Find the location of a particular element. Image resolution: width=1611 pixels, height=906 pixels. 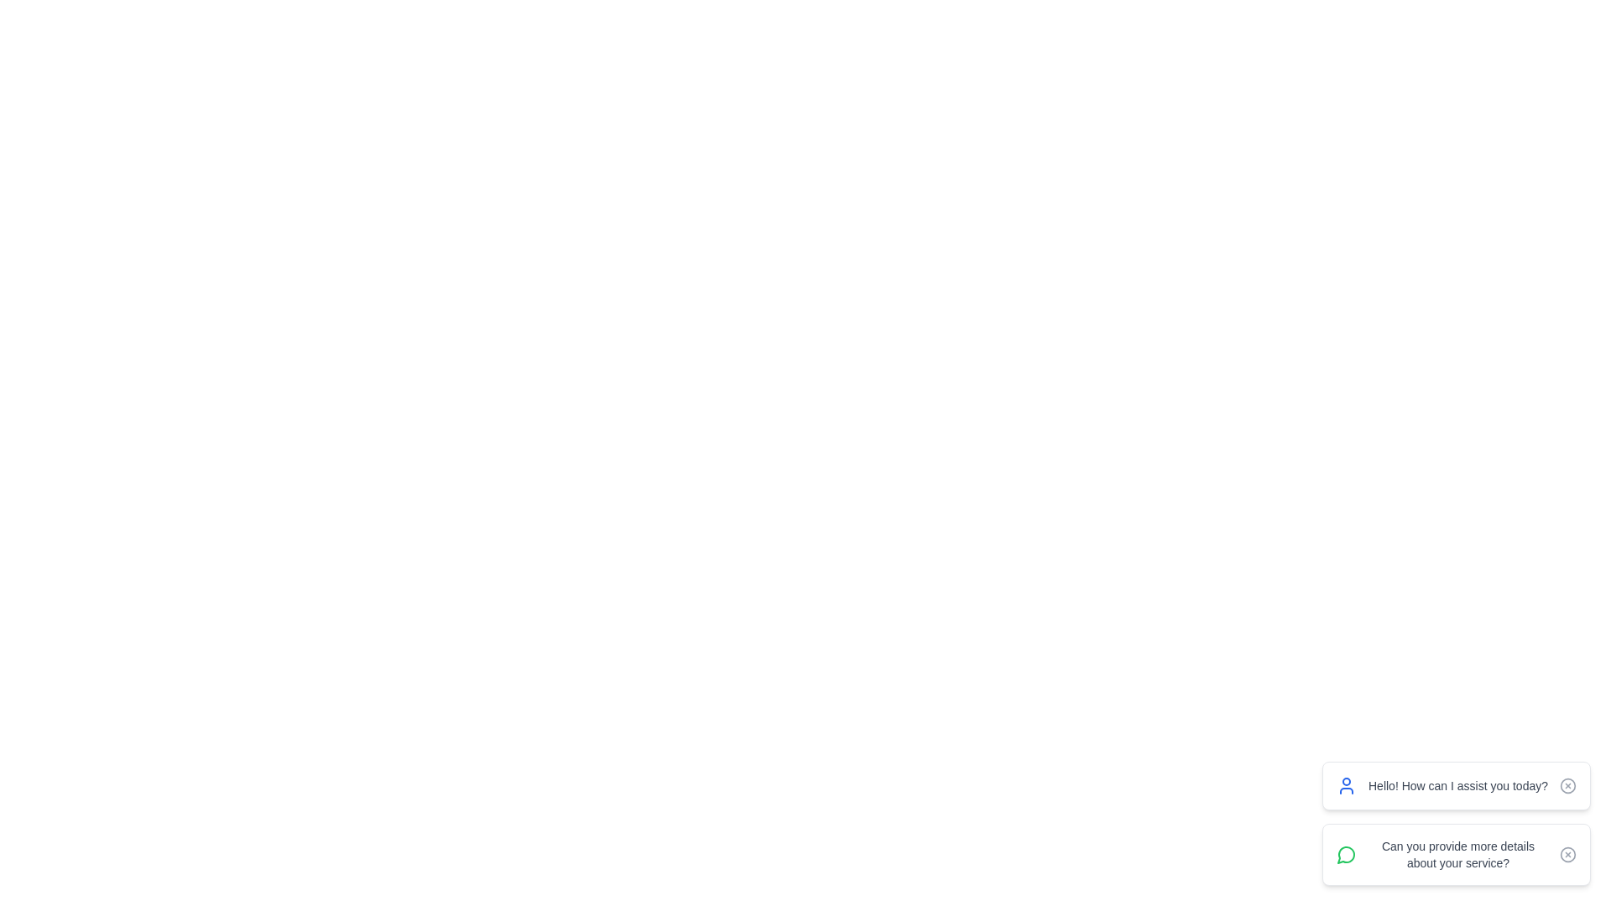

delete button for the message with content 'Can you provide more details about your service?' is located at coordinates (1567, 854).